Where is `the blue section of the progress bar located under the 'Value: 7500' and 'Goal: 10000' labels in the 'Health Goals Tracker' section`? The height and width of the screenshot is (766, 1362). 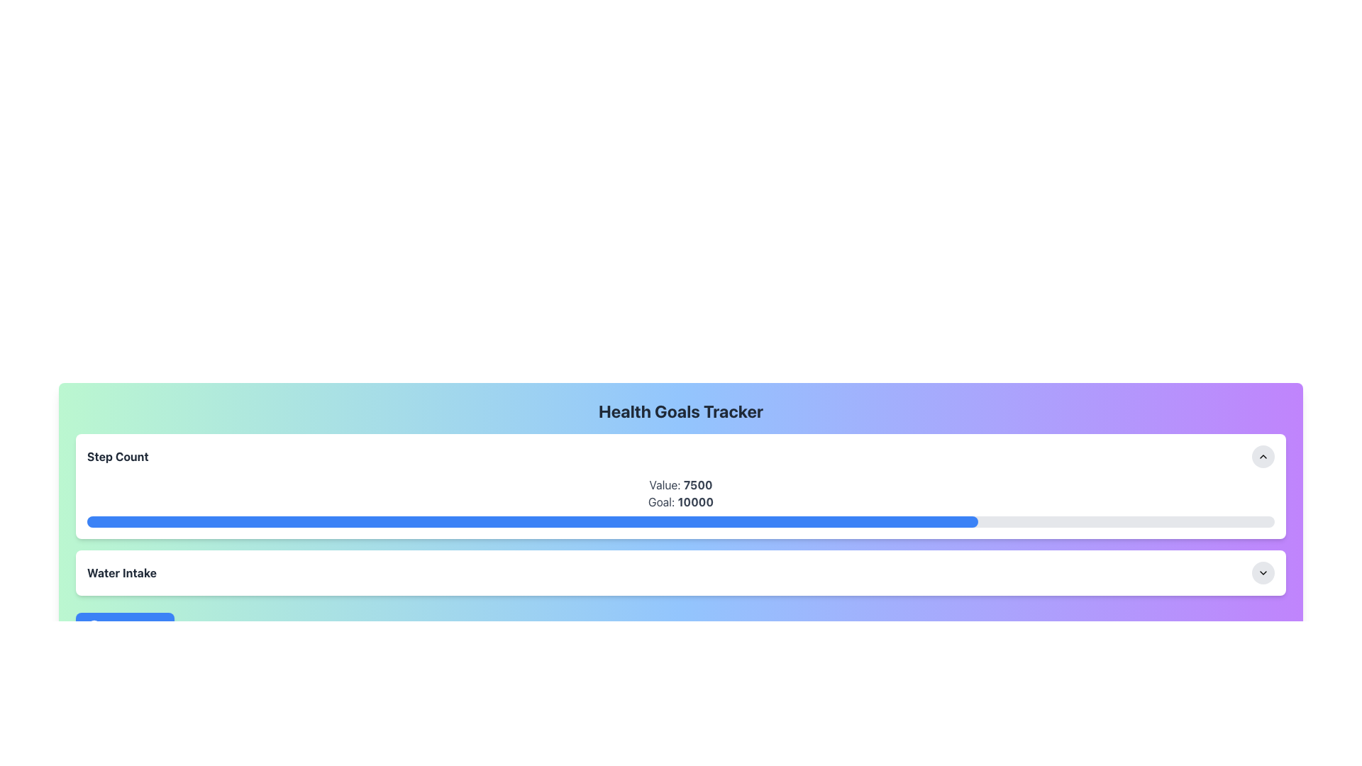 the blue section of the progress bar located under the 'Value: 7500' and 'Goal: 10000' labels in the 'Health Goals Tracker' section is located at coordinates (681, 522).